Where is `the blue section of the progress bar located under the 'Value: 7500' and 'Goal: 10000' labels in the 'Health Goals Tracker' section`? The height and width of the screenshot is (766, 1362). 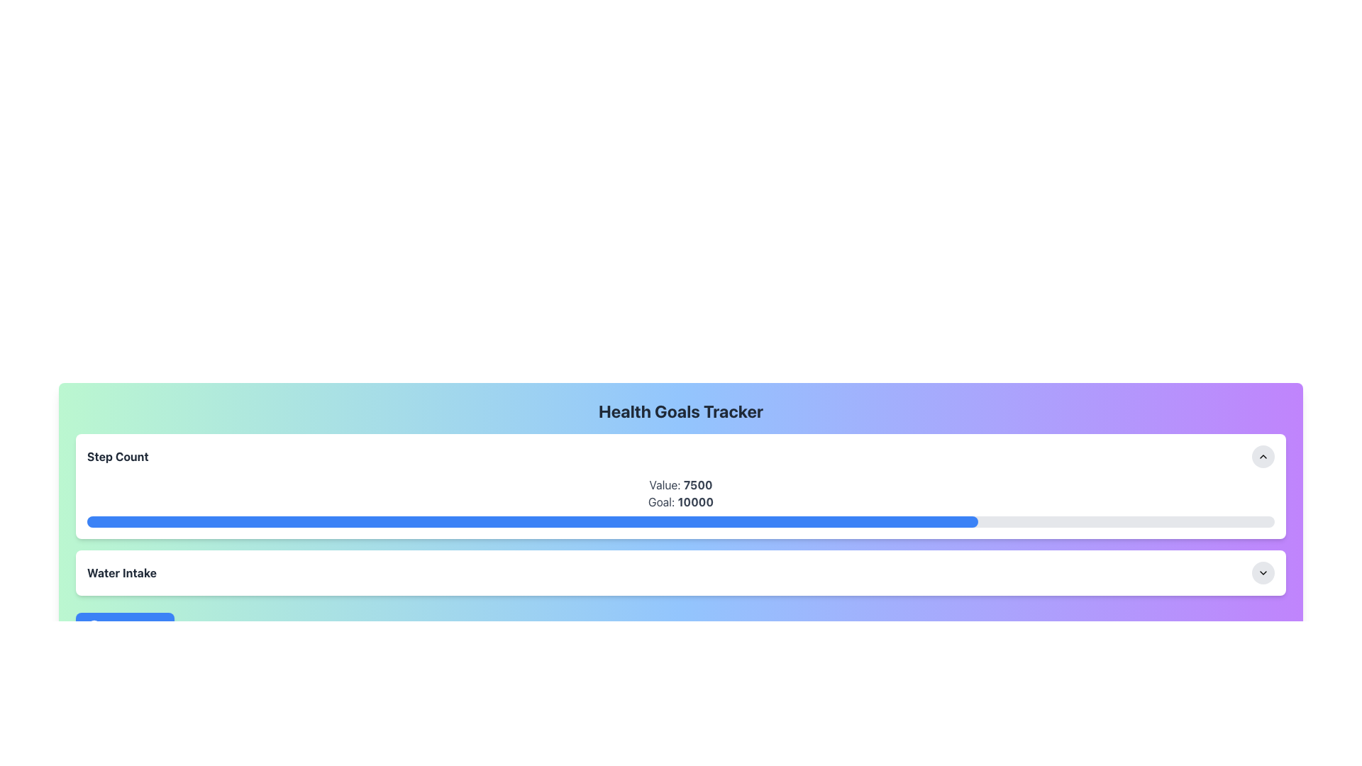 the blue section of the progress bar located under the 'Value: 7500' and 'Goal: 10000' labels in the 'Health Goals Tracker' section is located at coordinates (681, 522).